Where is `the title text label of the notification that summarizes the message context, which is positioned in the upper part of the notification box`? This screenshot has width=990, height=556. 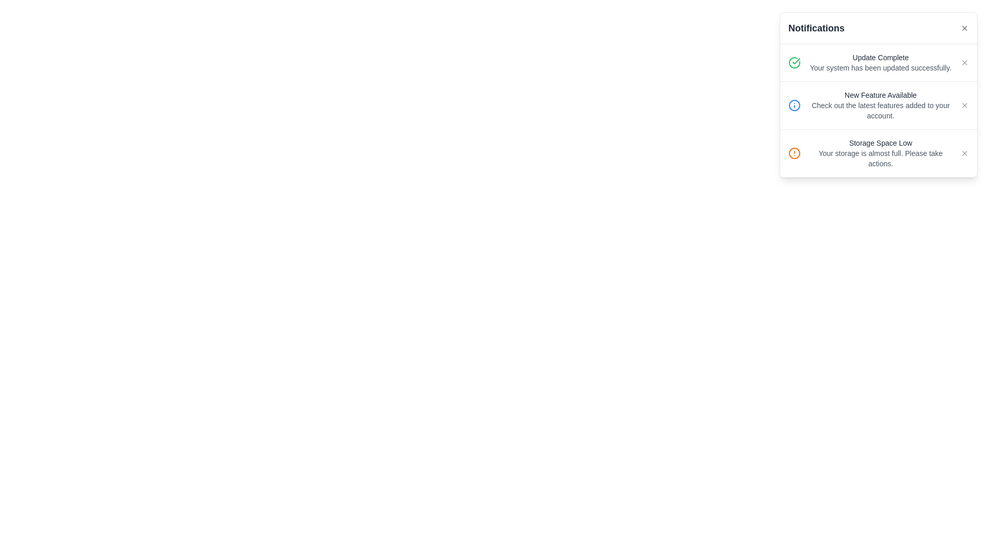
the title text label of the notification that summarizes the message context, which is positioned in the upper part of the notification box is located at coordinates (880, 95).